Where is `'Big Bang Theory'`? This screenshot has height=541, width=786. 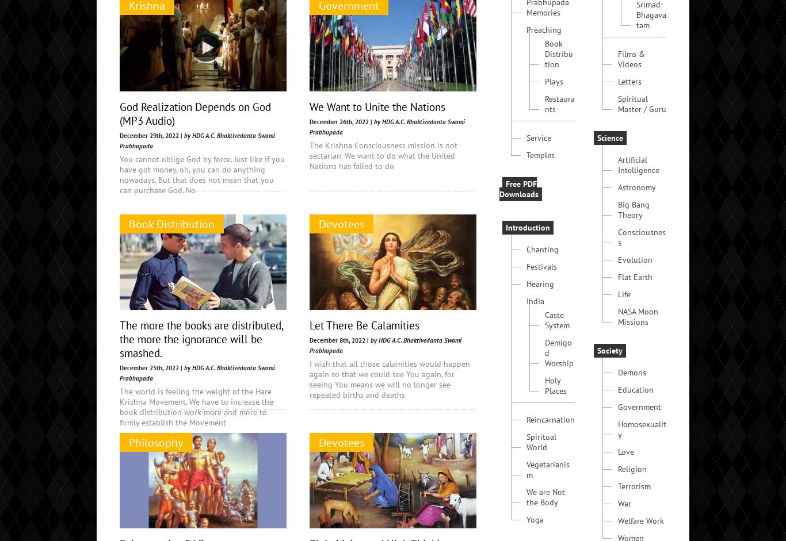 'Big Bang Theory' is located at coordinates (633, 296).